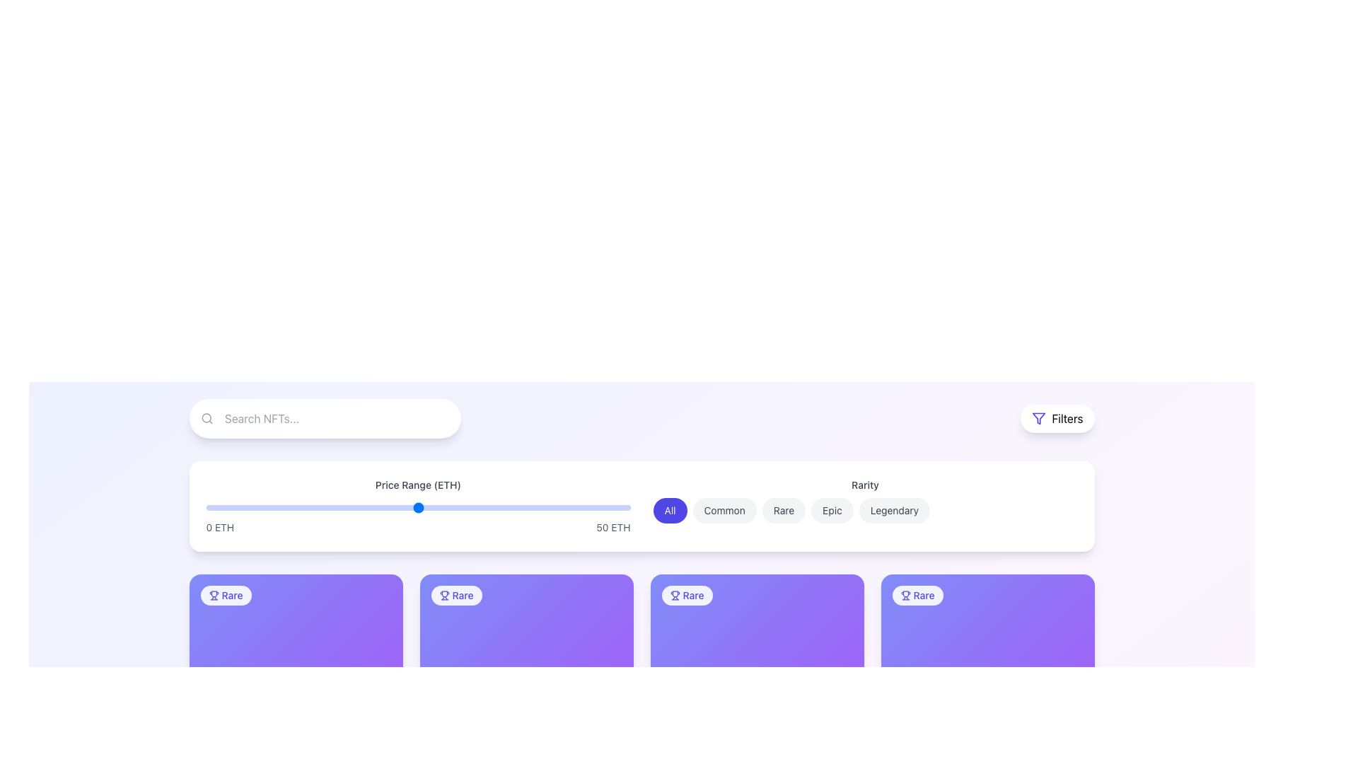 This screenshot has height=764, width=1358. Describe the element at coordinates (724, 510) in the screenshot. I see `the 'Common' rarity filter button located in the upper-mid section of the interface, positioned between the 'All' and 'Rare' buttons, to adjust the displayed items accordingly` at that location.